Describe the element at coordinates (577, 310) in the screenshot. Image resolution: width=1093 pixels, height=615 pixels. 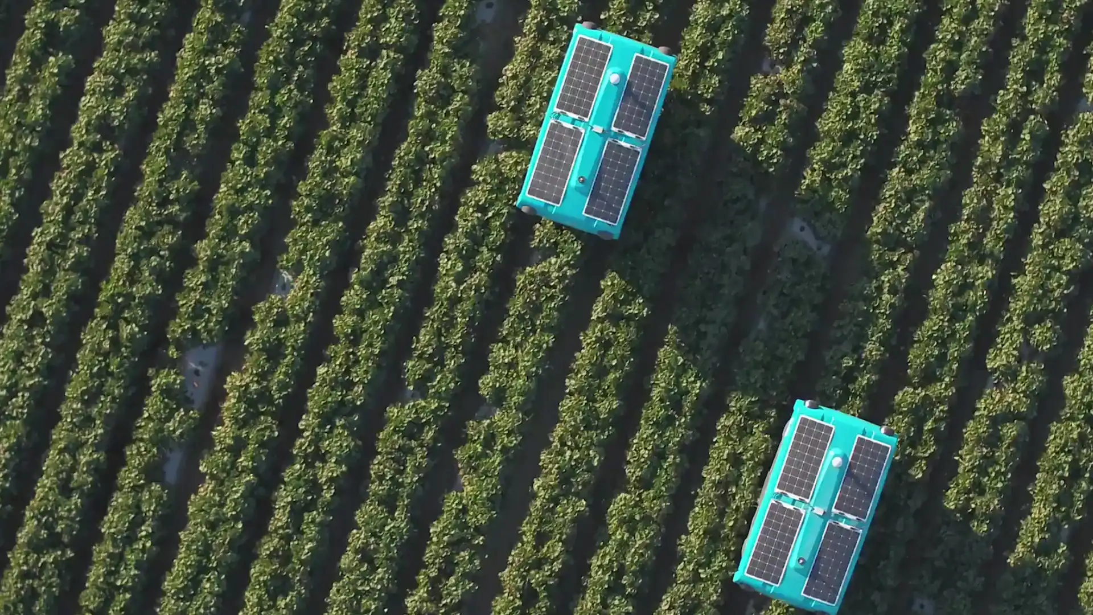
I see `Helping out after disasters After devastating floods in Peru and Hurricane Maria in Puerto Rico, Project Loon flies in to provide basic connectivity and help people get access to vital information and basic communication tools.` at that location.